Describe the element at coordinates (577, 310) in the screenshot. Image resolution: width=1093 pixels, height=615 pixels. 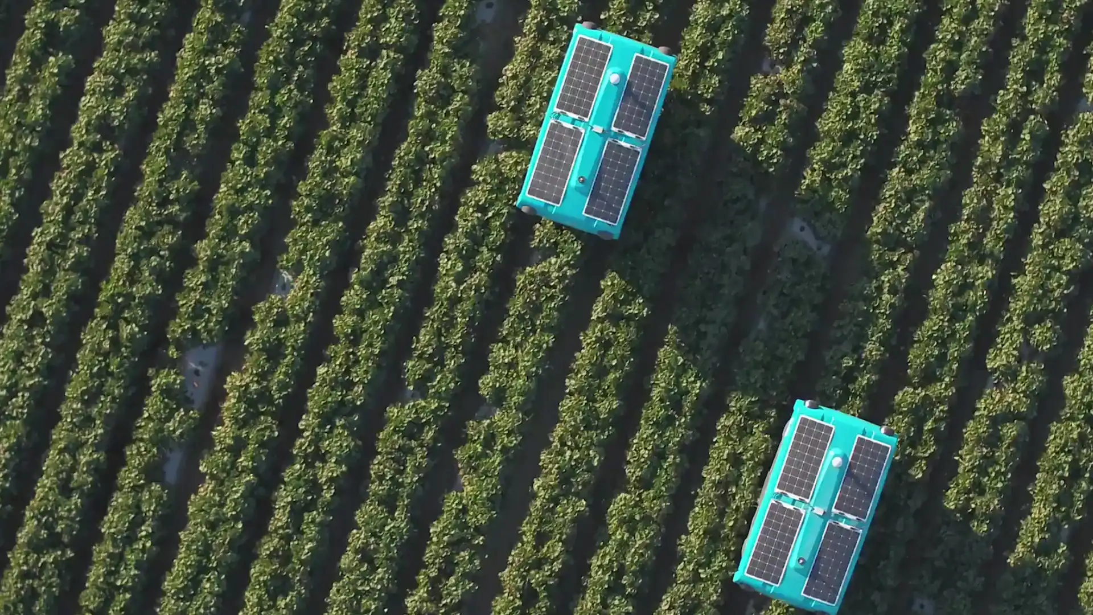
I see `Helping out after disasters After devastating floods in Peru and Hurricane Maria in Puerto Rico, Project Loon flies in to provide basic connectivity and help people get access to vital information and basic communication tools.` at that location.